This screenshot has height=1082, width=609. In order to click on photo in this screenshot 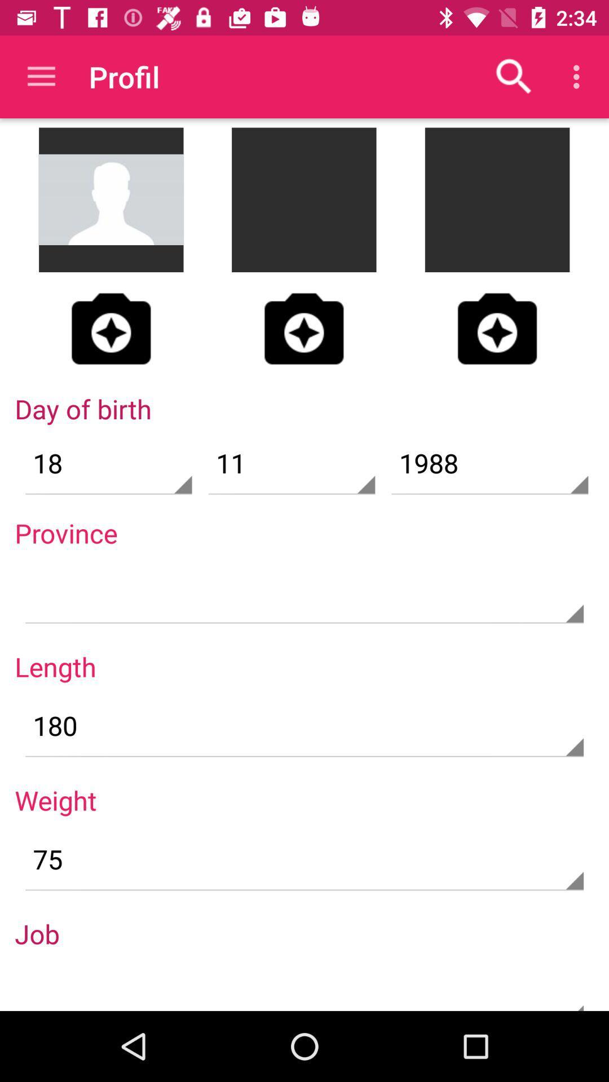, I will do `click(111, 328)`.